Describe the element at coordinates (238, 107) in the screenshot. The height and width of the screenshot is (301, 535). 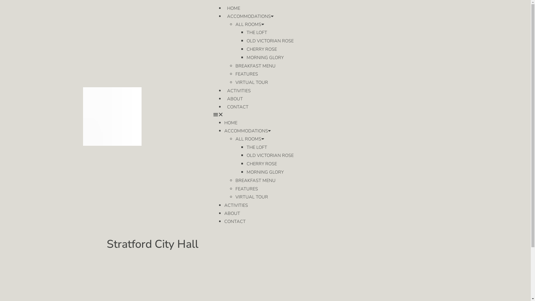
I see `'CONTACT'` at that location.